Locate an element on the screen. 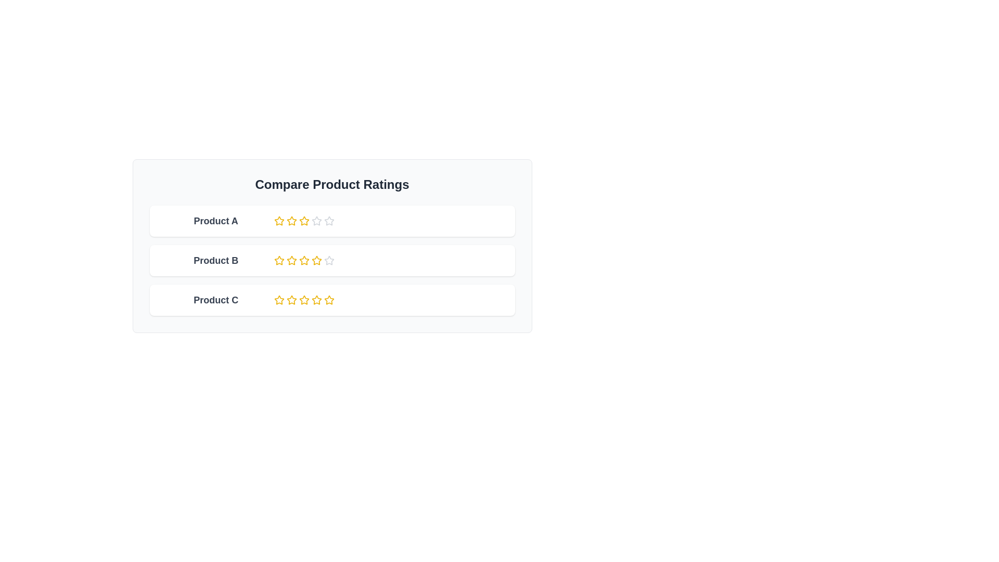 Image resolution: width=999 pixels, height=562 pixels. the fourth star icon in the horizontal sequence of five rating stars for 'Product A' in the 'Compare Product Ratings' section to interact with the rating system is located at coordinates (328, 220).